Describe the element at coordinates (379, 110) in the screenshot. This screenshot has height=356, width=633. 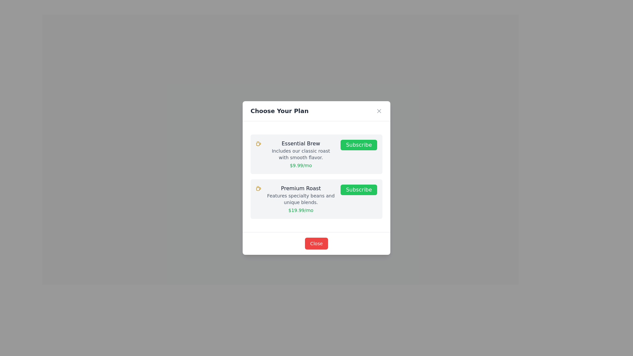
I see `the close icon represented by a small diagonal cross mark located in the top-right corner of the 'Choose Your Plan' modal dialog box` at that location.